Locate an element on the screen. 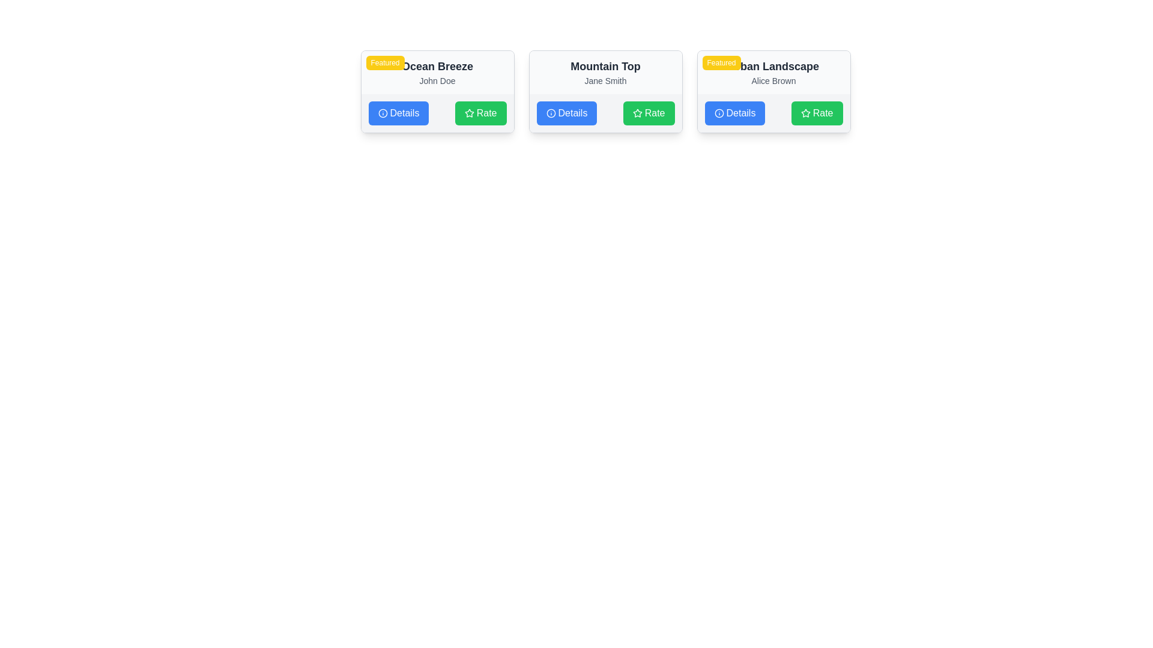 This screenshot has height=648, width=1153. the 'Rate' button located in the bottom-right section of the card labeled 'Ocean Breeze' and 'John Doe' is located at coordinates (480, 113).